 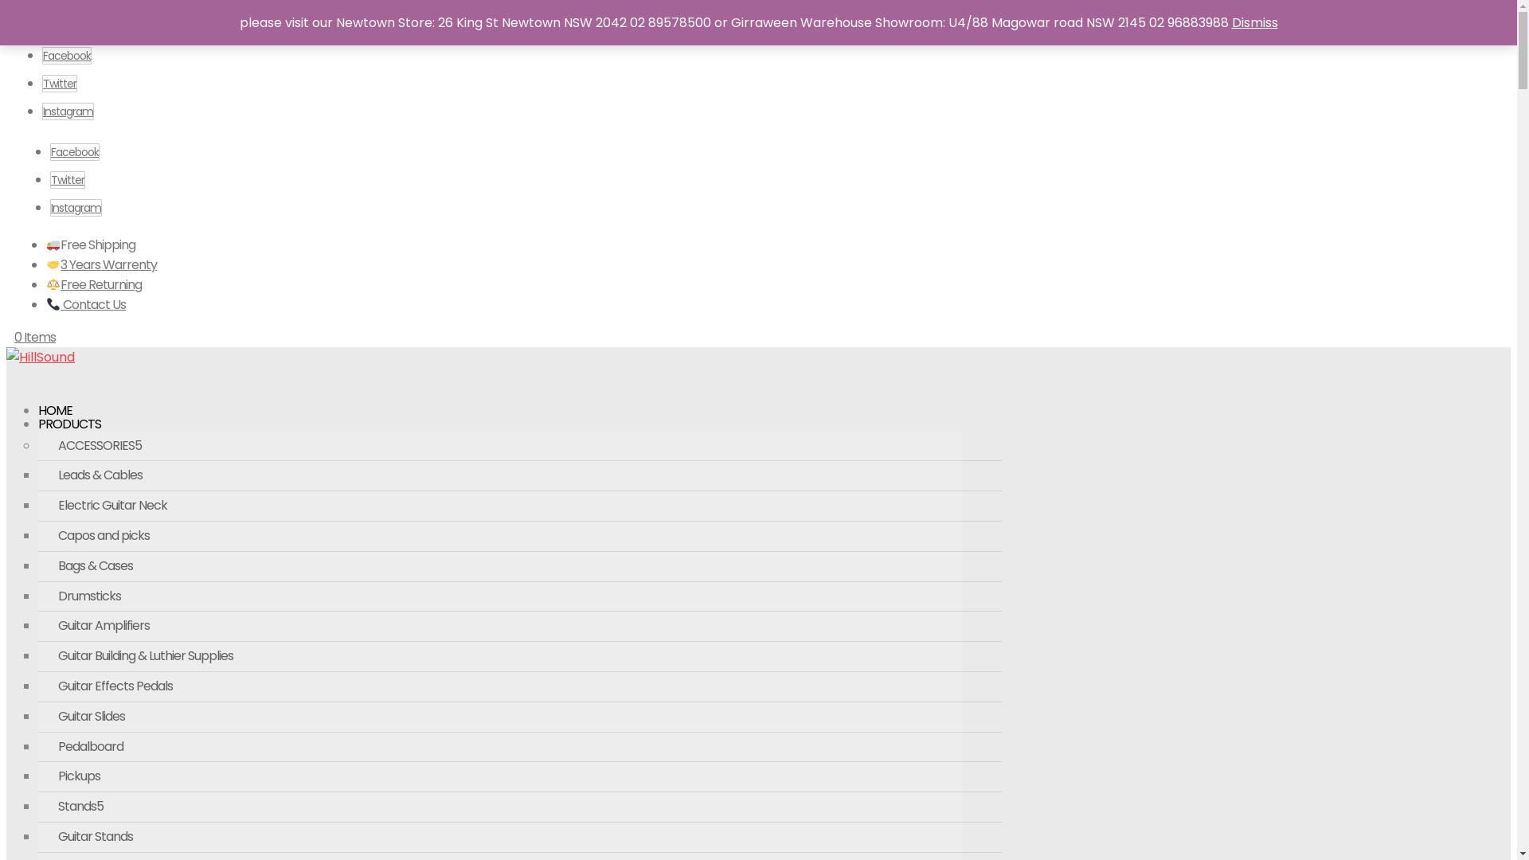 I want to click on 'HOME', so click(x=55, y=422).